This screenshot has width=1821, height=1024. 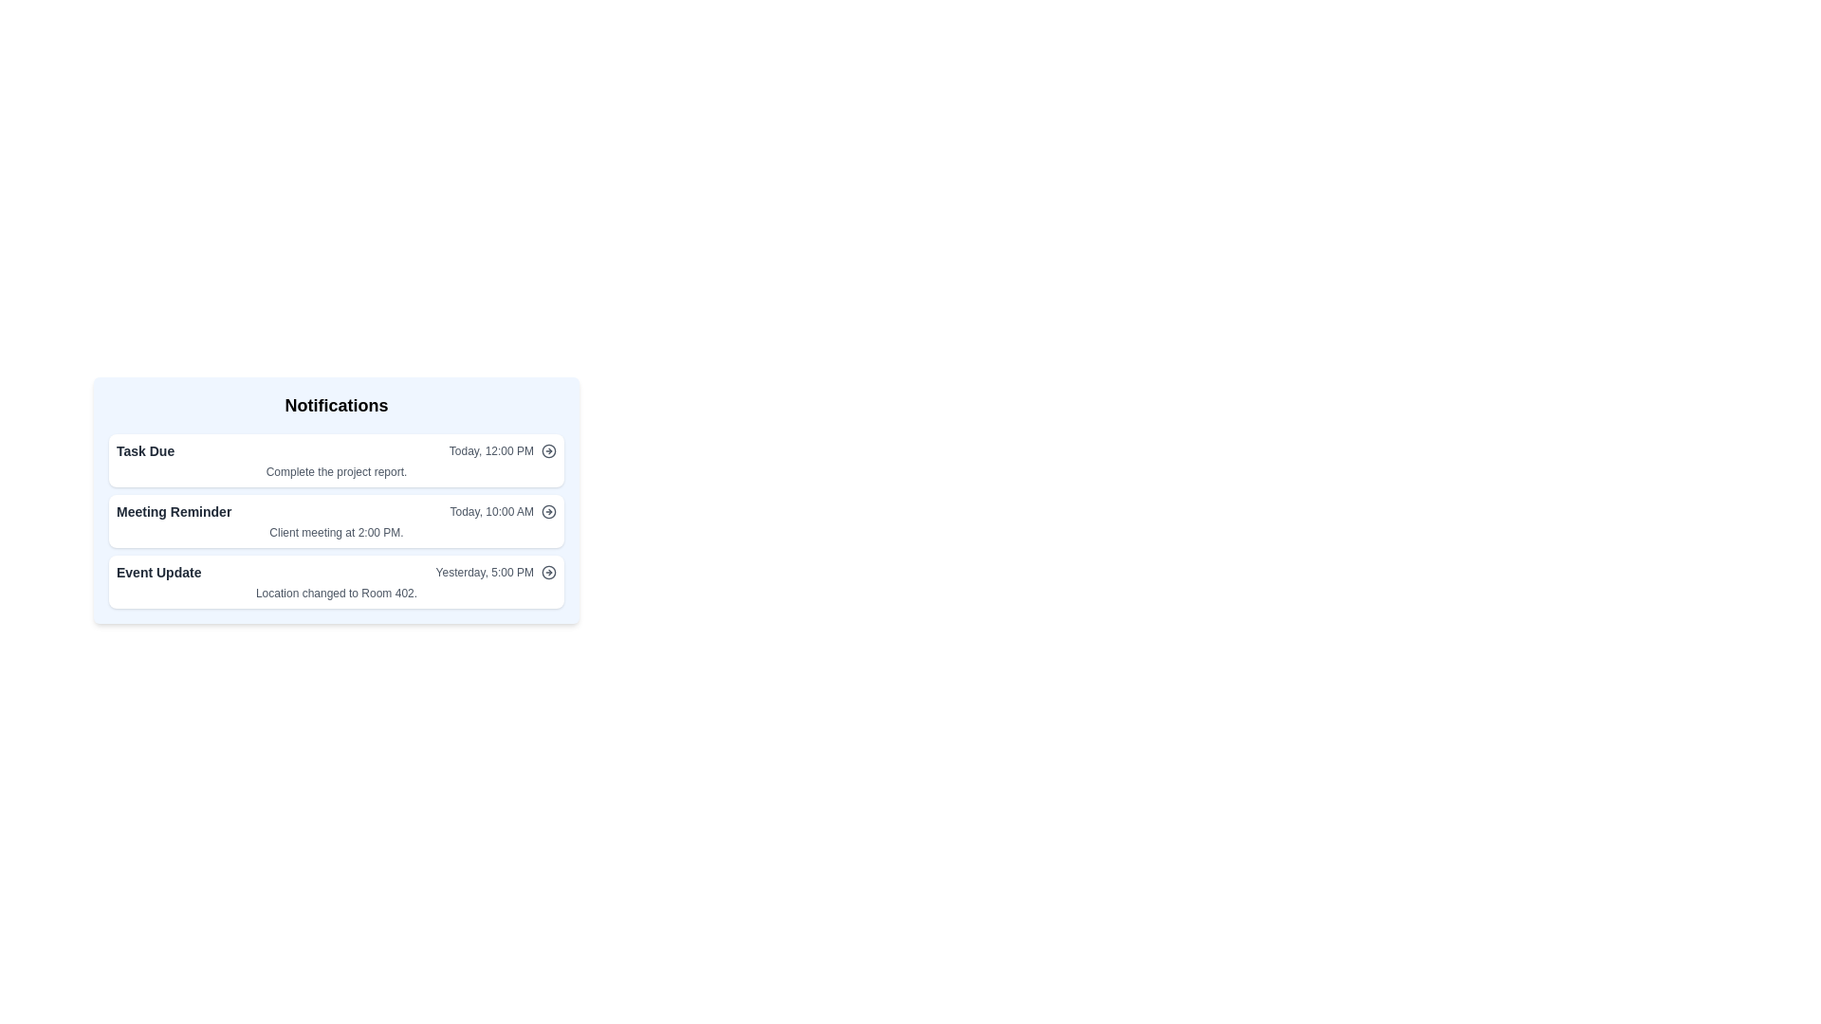 I want to click on text of the title label in the third notification card under the heading 'Notifications', which is the leftmost content in the card, so click(x=158, y=572).